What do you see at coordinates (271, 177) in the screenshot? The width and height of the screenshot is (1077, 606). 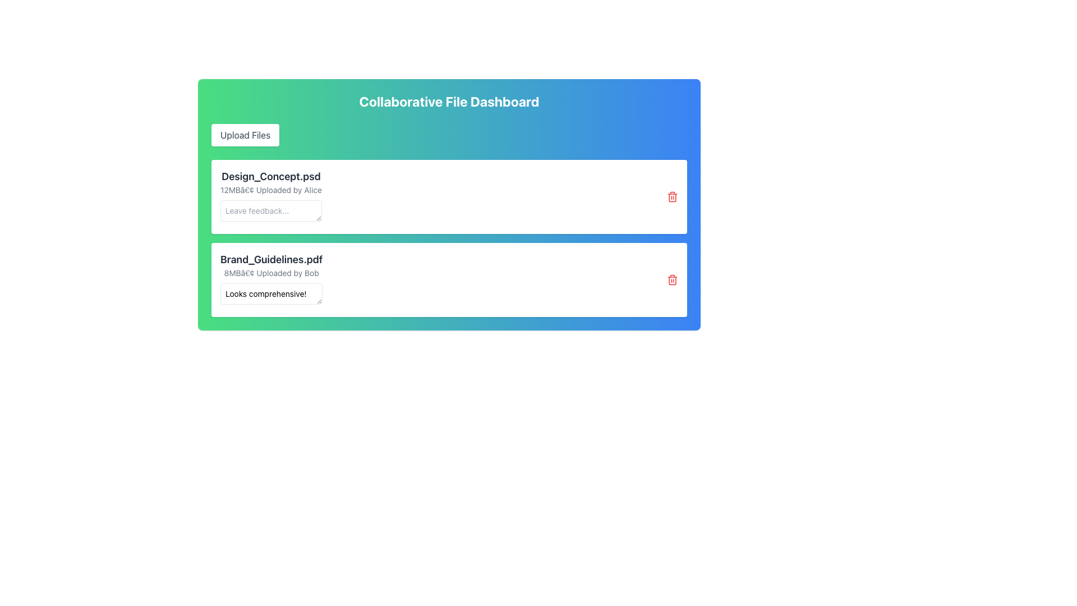 I see `text label that serves as the title of the file presented in the card, located at the center of the dashboard above the file details` at bounding box center [271, 177].